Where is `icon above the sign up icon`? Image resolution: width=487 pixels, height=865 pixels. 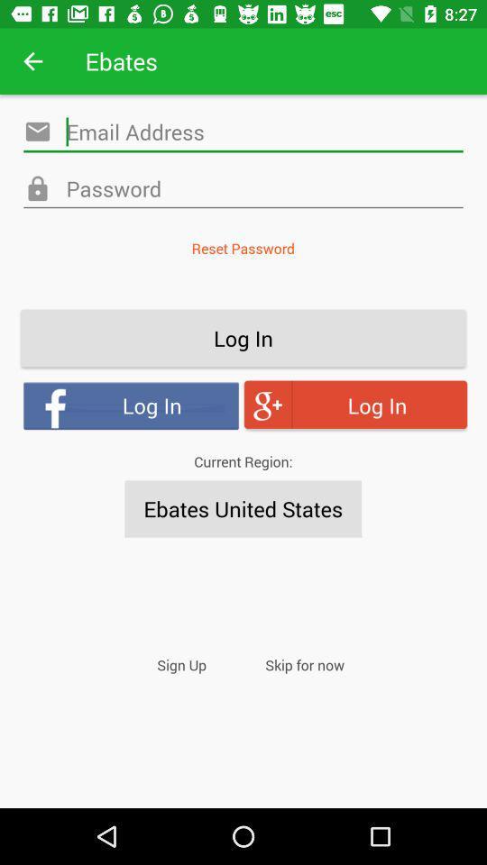
icon above the sign up icon is located at coordinates (243, 509).